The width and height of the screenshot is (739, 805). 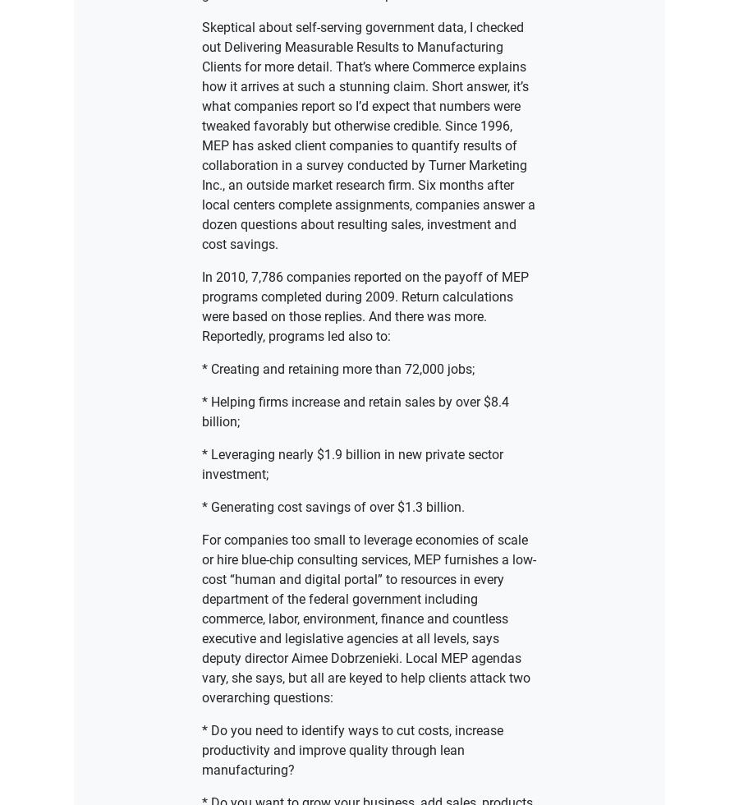 What do you see at coordinates (374, 212) in the screenshot?
I see `'All rights reserved'` at bounding box center [374, 212].